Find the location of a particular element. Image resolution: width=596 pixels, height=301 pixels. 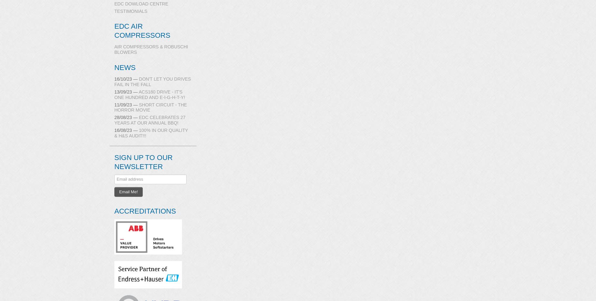

'13/09/23 —' is located at coordinates (114, 92).